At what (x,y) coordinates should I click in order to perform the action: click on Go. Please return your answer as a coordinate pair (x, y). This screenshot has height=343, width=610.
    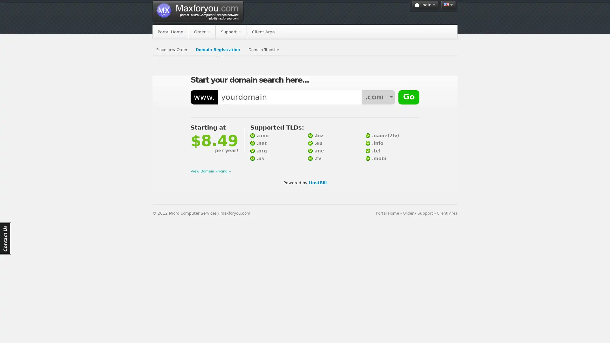
    Looking at the image, I should click on (409, 98).